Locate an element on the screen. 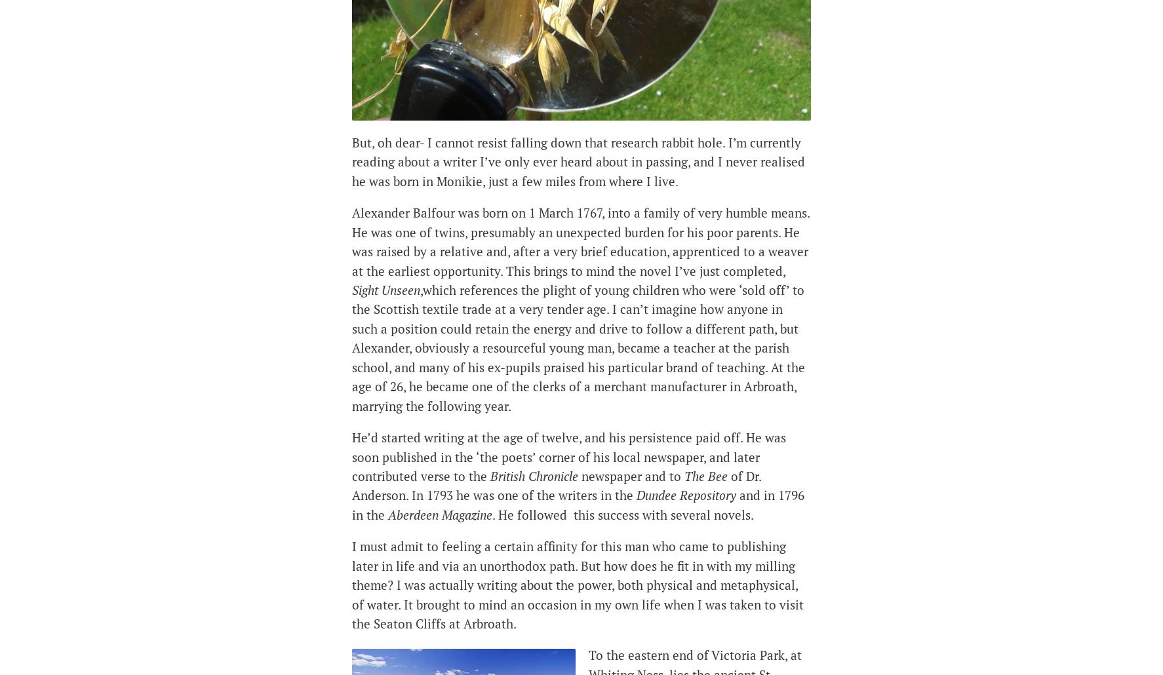  'of Dr. Anderson. In 1793 he was one of the writers in the' is located at coordinates (351, 485).